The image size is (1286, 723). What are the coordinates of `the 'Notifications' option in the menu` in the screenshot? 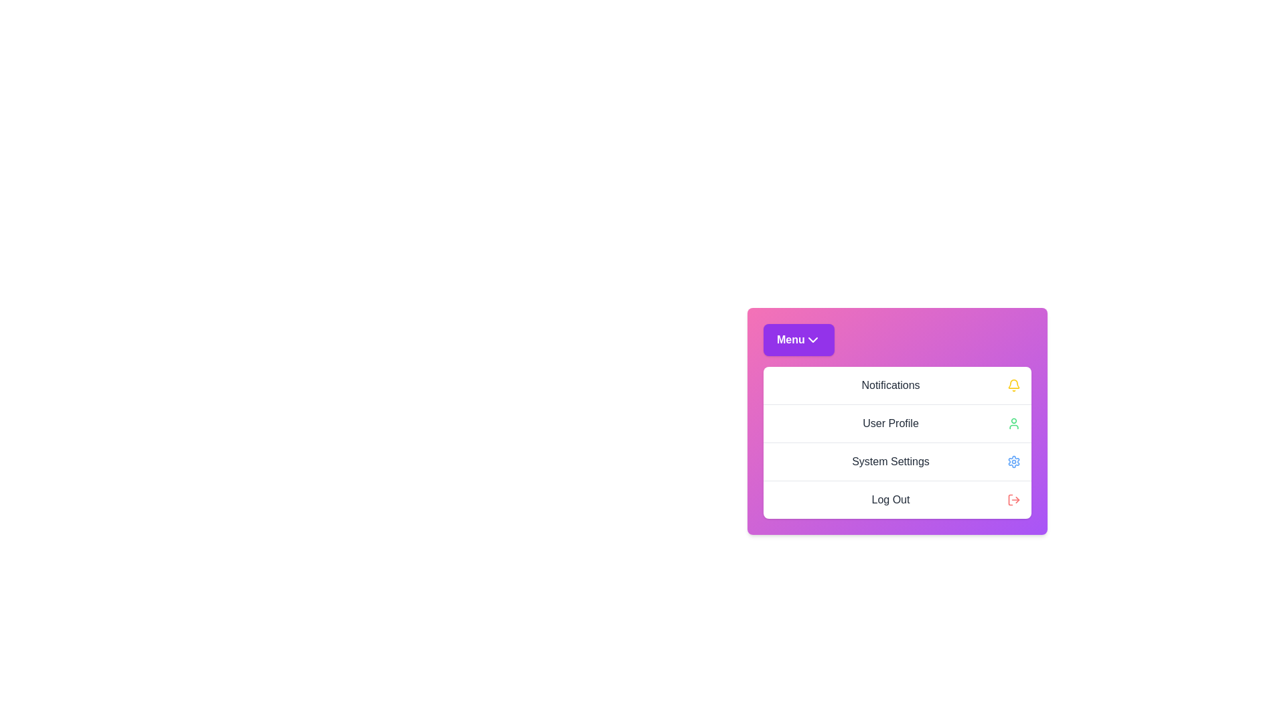 It's located at (897, 385).